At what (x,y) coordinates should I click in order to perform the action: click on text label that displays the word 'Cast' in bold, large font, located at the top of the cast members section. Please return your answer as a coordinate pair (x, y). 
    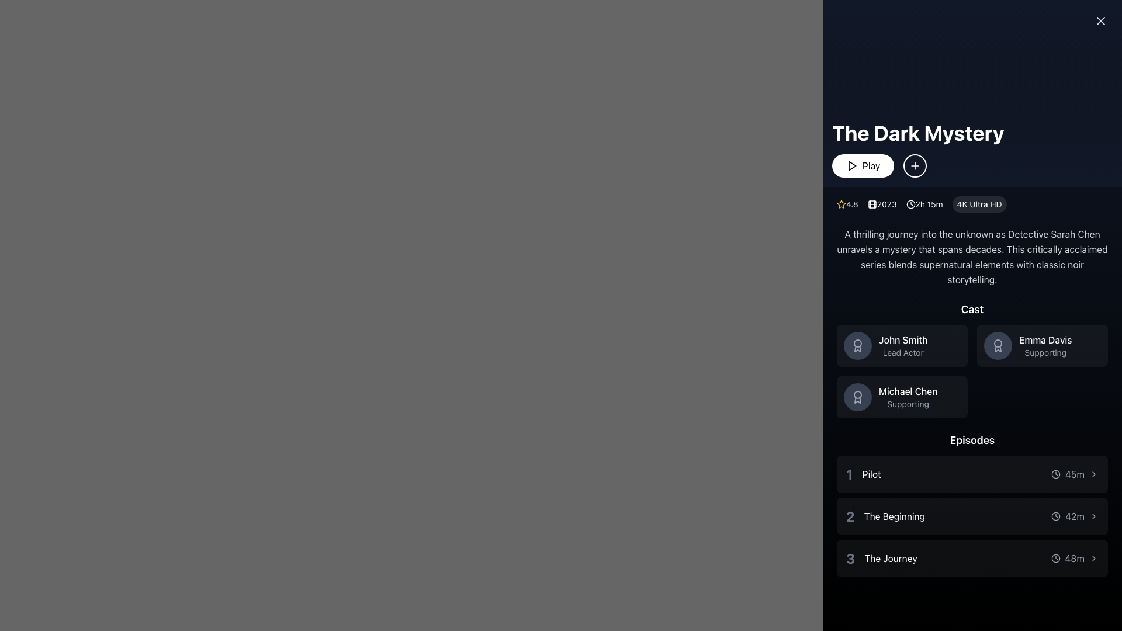
    Looking at the image, I should click on (972, 308).